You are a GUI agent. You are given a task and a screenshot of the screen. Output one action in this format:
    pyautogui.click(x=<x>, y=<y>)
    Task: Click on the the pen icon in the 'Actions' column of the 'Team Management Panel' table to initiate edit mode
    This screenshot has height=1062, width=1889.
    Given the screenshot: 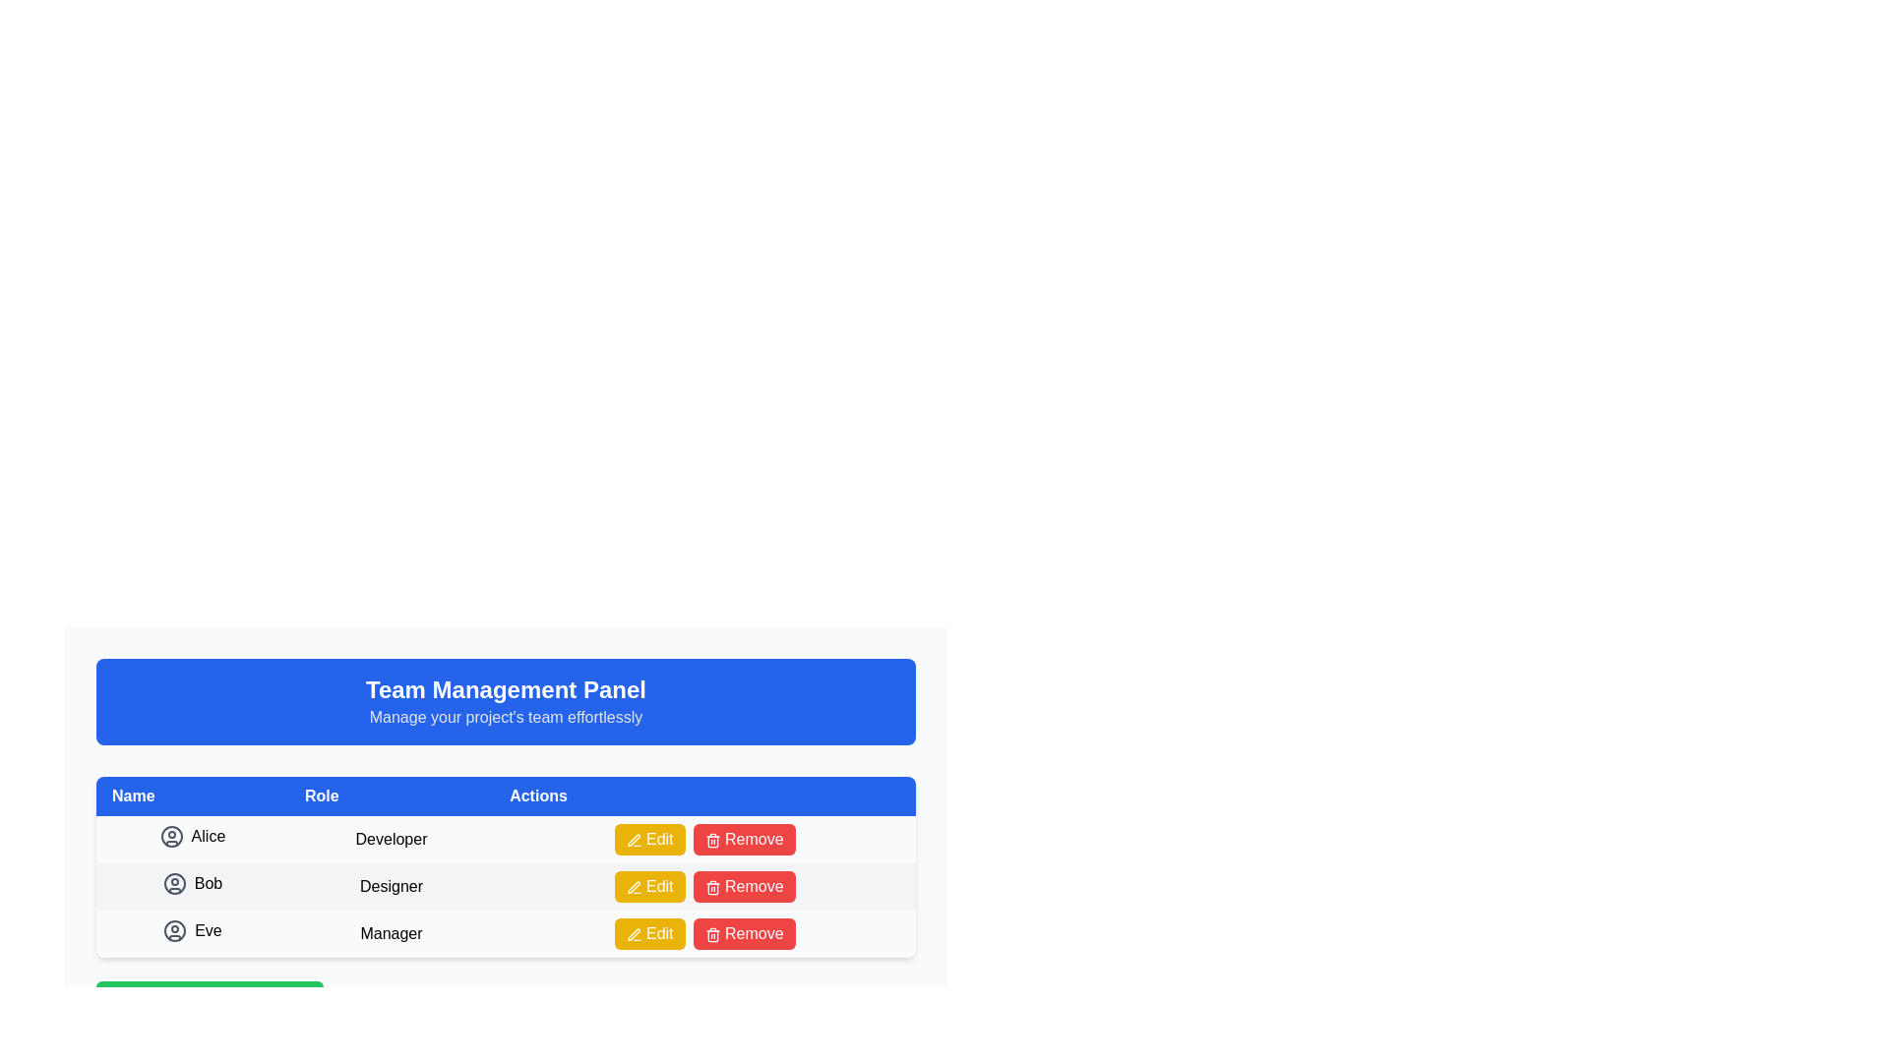 What is the action you would take?
    pyautogui.click(x=634, y=840)
    